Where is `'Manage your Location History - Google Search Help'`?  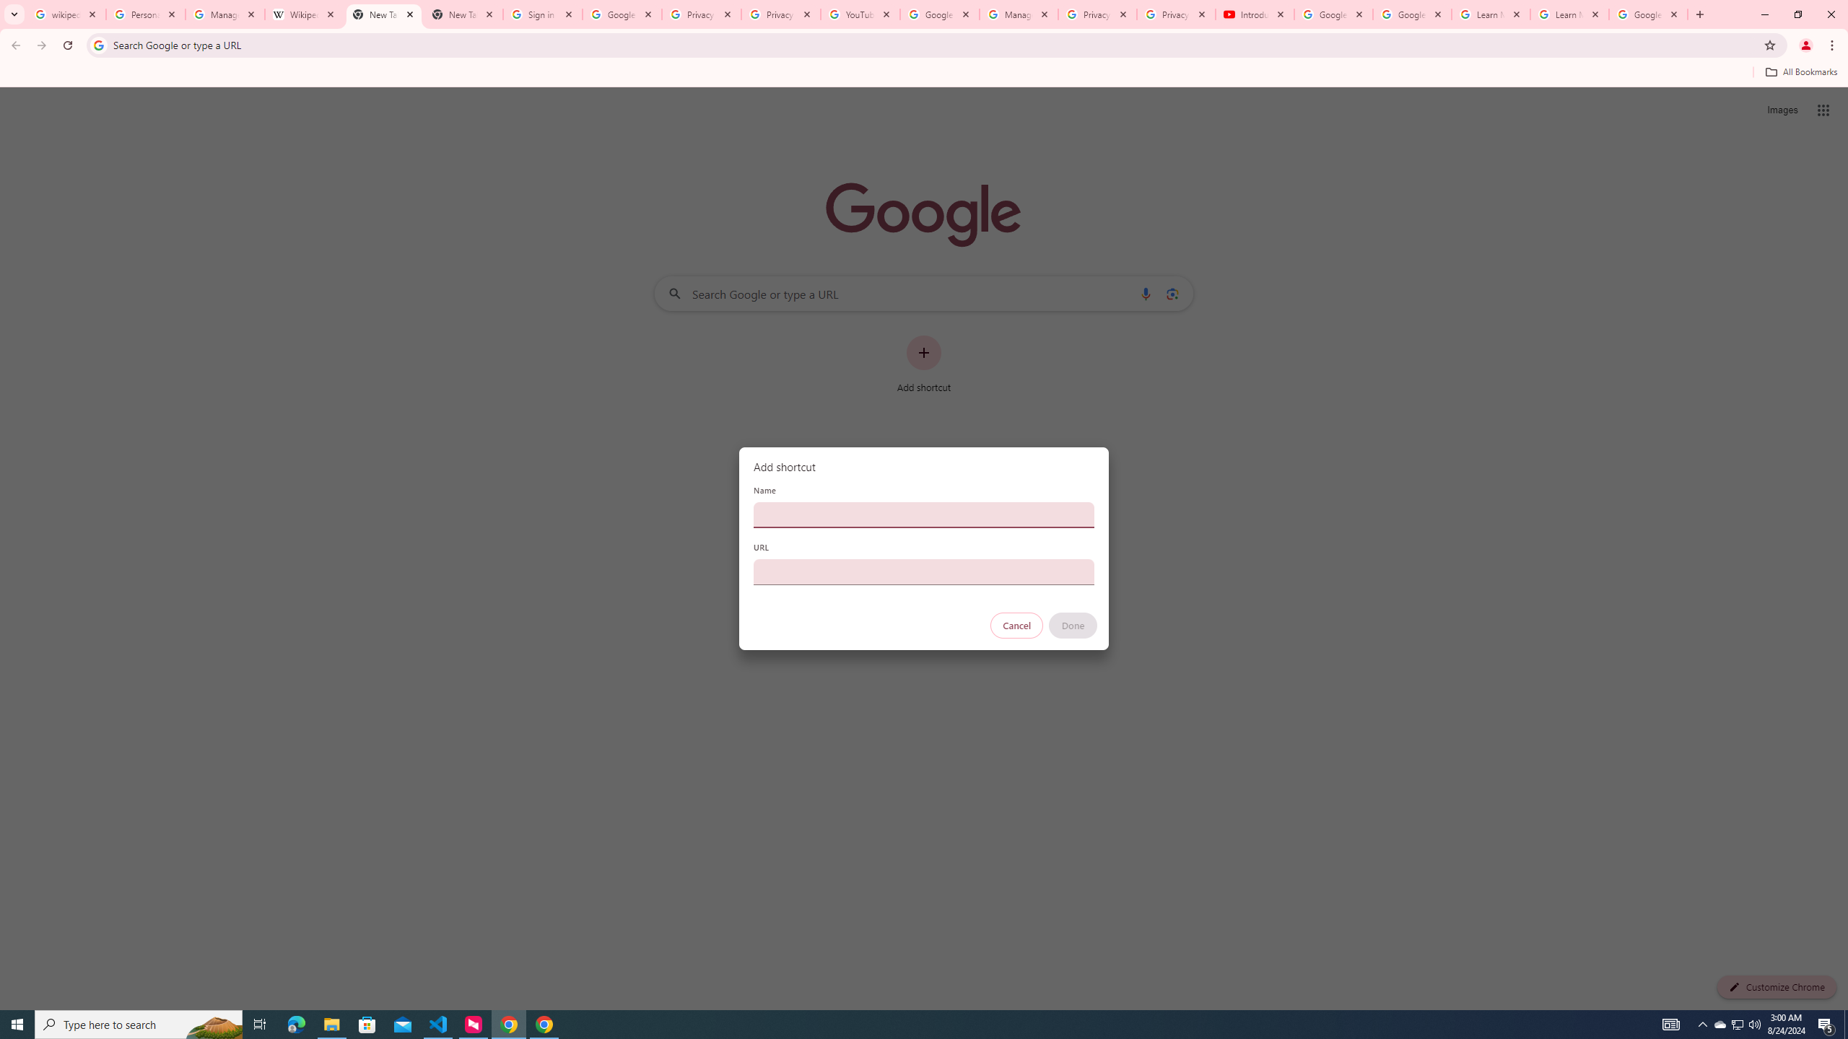
'Manage your Location History - Google Search Help' is located at coordinates (225, 14).